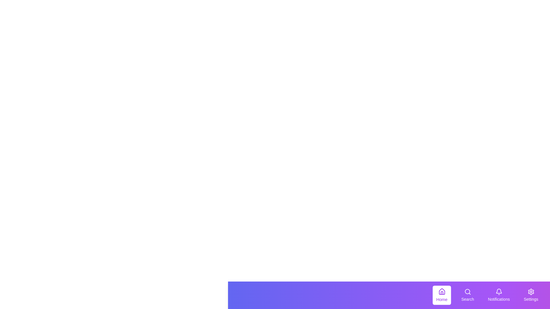  Describe the element at coordinates (498, 295) in the screenshot. I see `the Notifications tab to observe hover effects` at that location.